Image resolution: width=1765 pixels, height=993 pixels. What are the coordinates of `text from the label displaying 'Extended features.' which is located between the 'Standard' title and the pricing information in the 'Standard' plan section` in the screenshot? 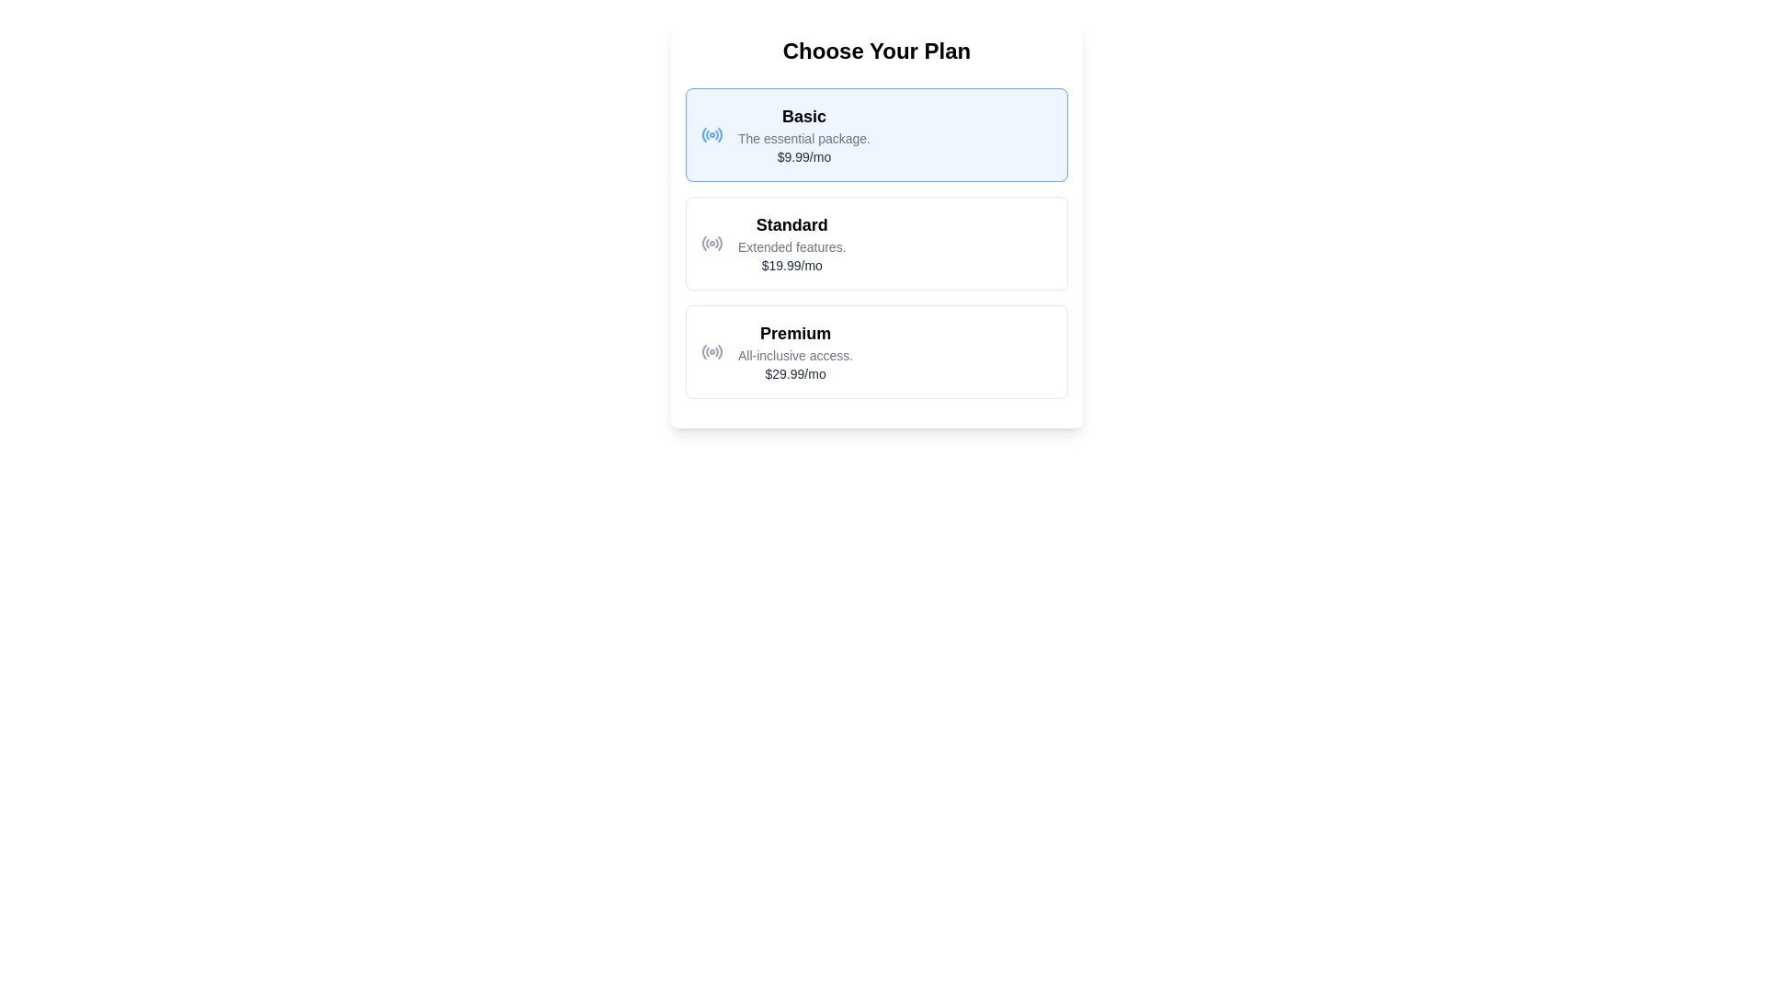 It's located at (791, 246).